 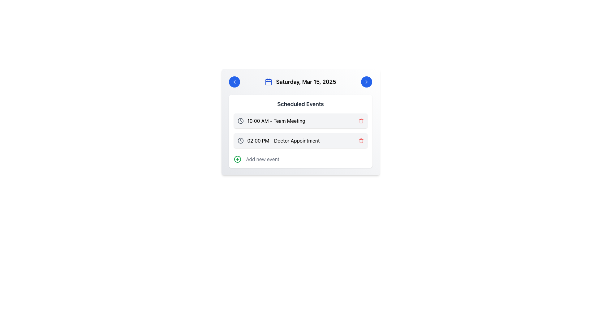 I want to click on the non-interactive reminder for the scheduled event titled 'Team Meeting' at 10:00 AM, which is the first item in the list of events on the calendar interface, so click(x=271, y=121).